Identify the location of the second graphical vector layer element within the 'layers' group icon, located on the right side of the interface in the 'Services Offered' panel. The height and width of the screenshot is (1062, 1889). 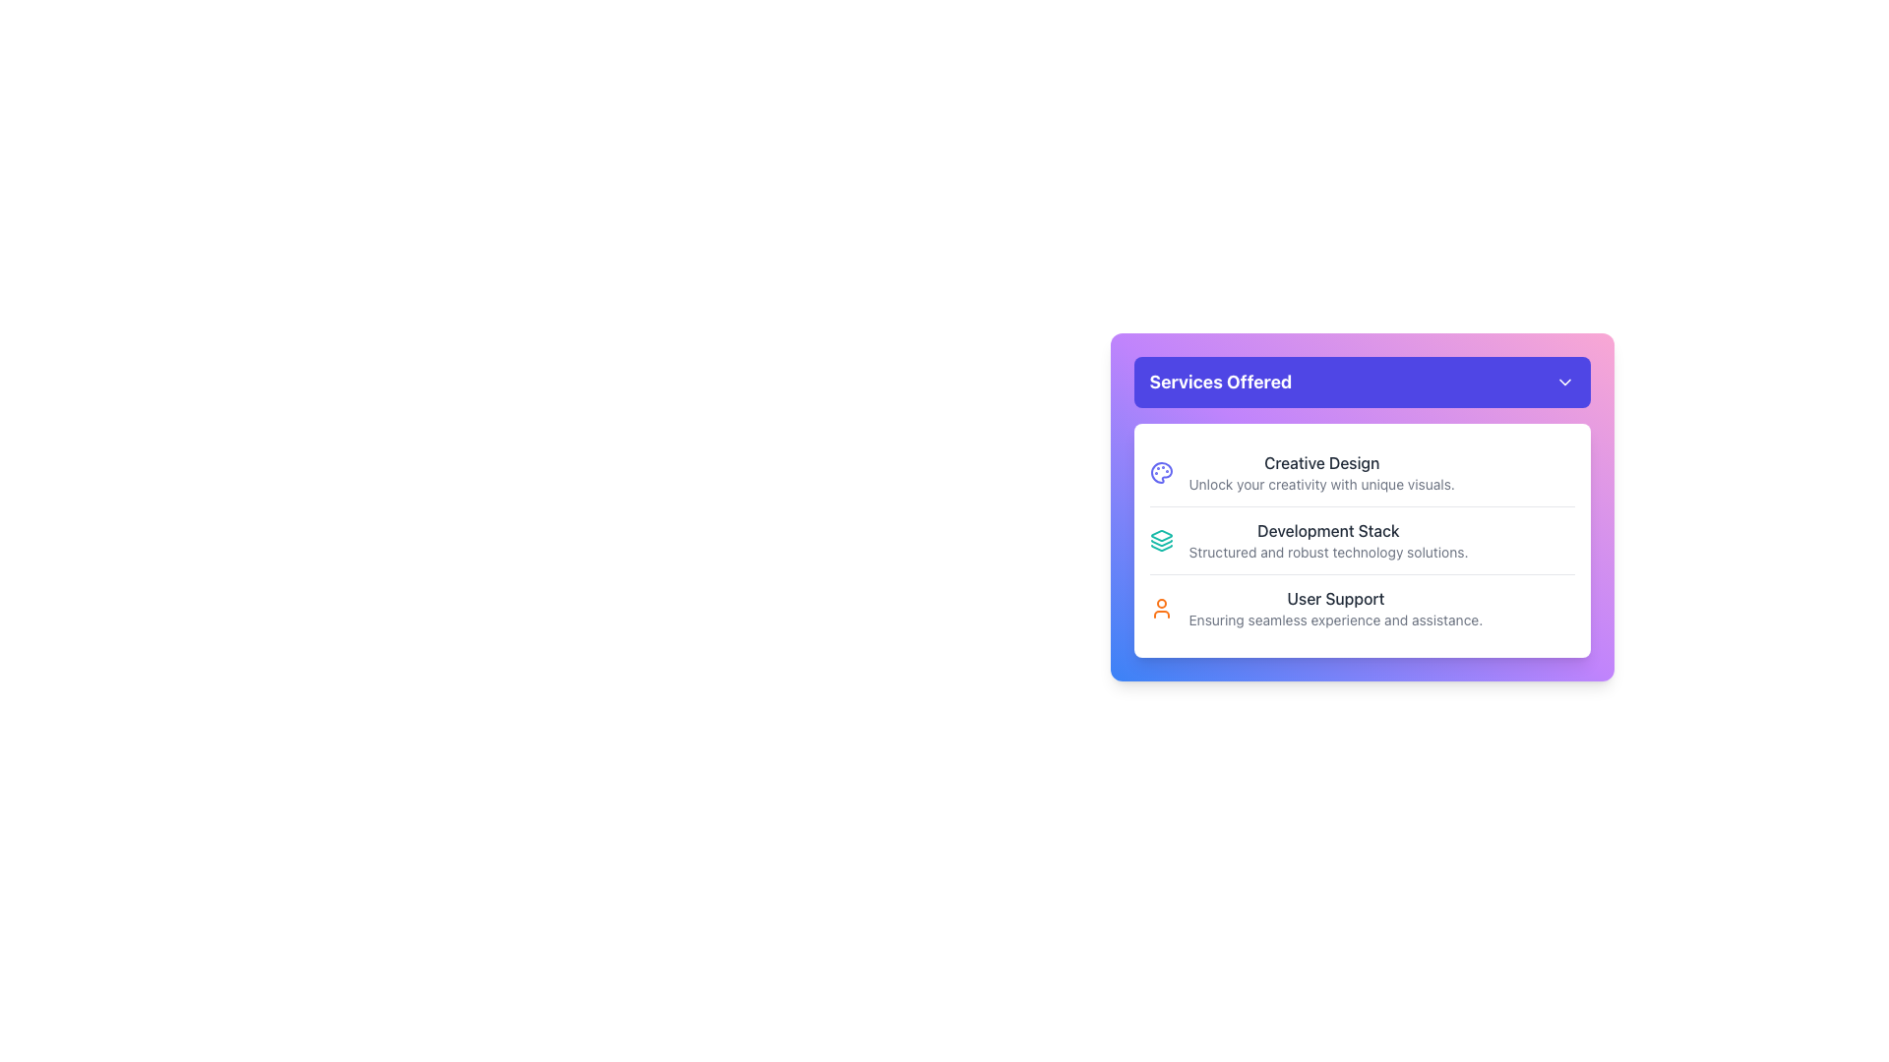
(1161, 543).